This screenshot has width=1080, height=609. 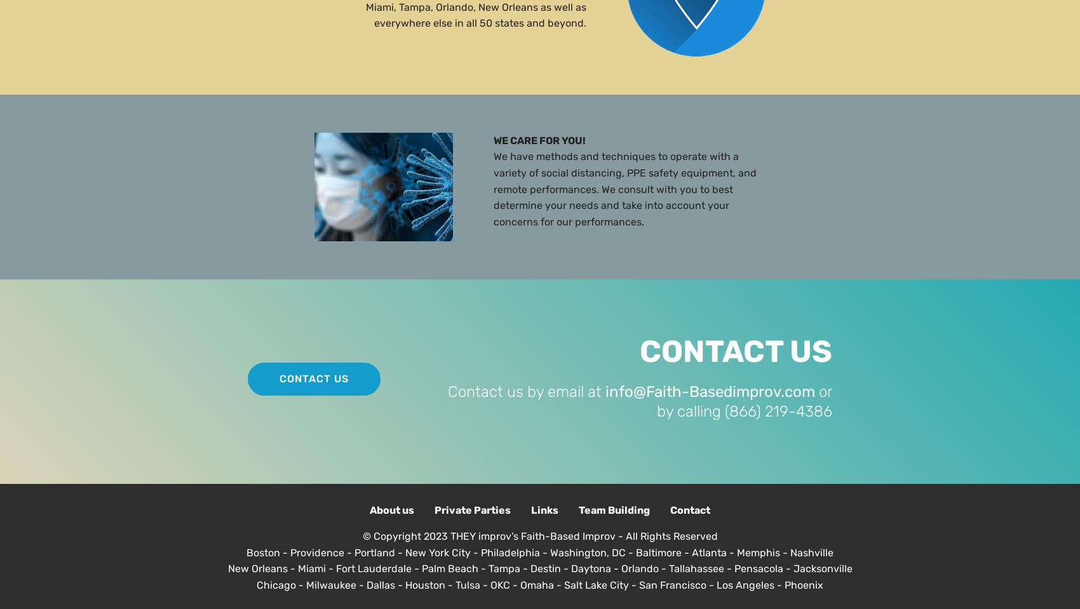 What do you see at coordinates (435, 509) in the screenshot?
I see `'Private Parties'` at bounding box center [435, 509].